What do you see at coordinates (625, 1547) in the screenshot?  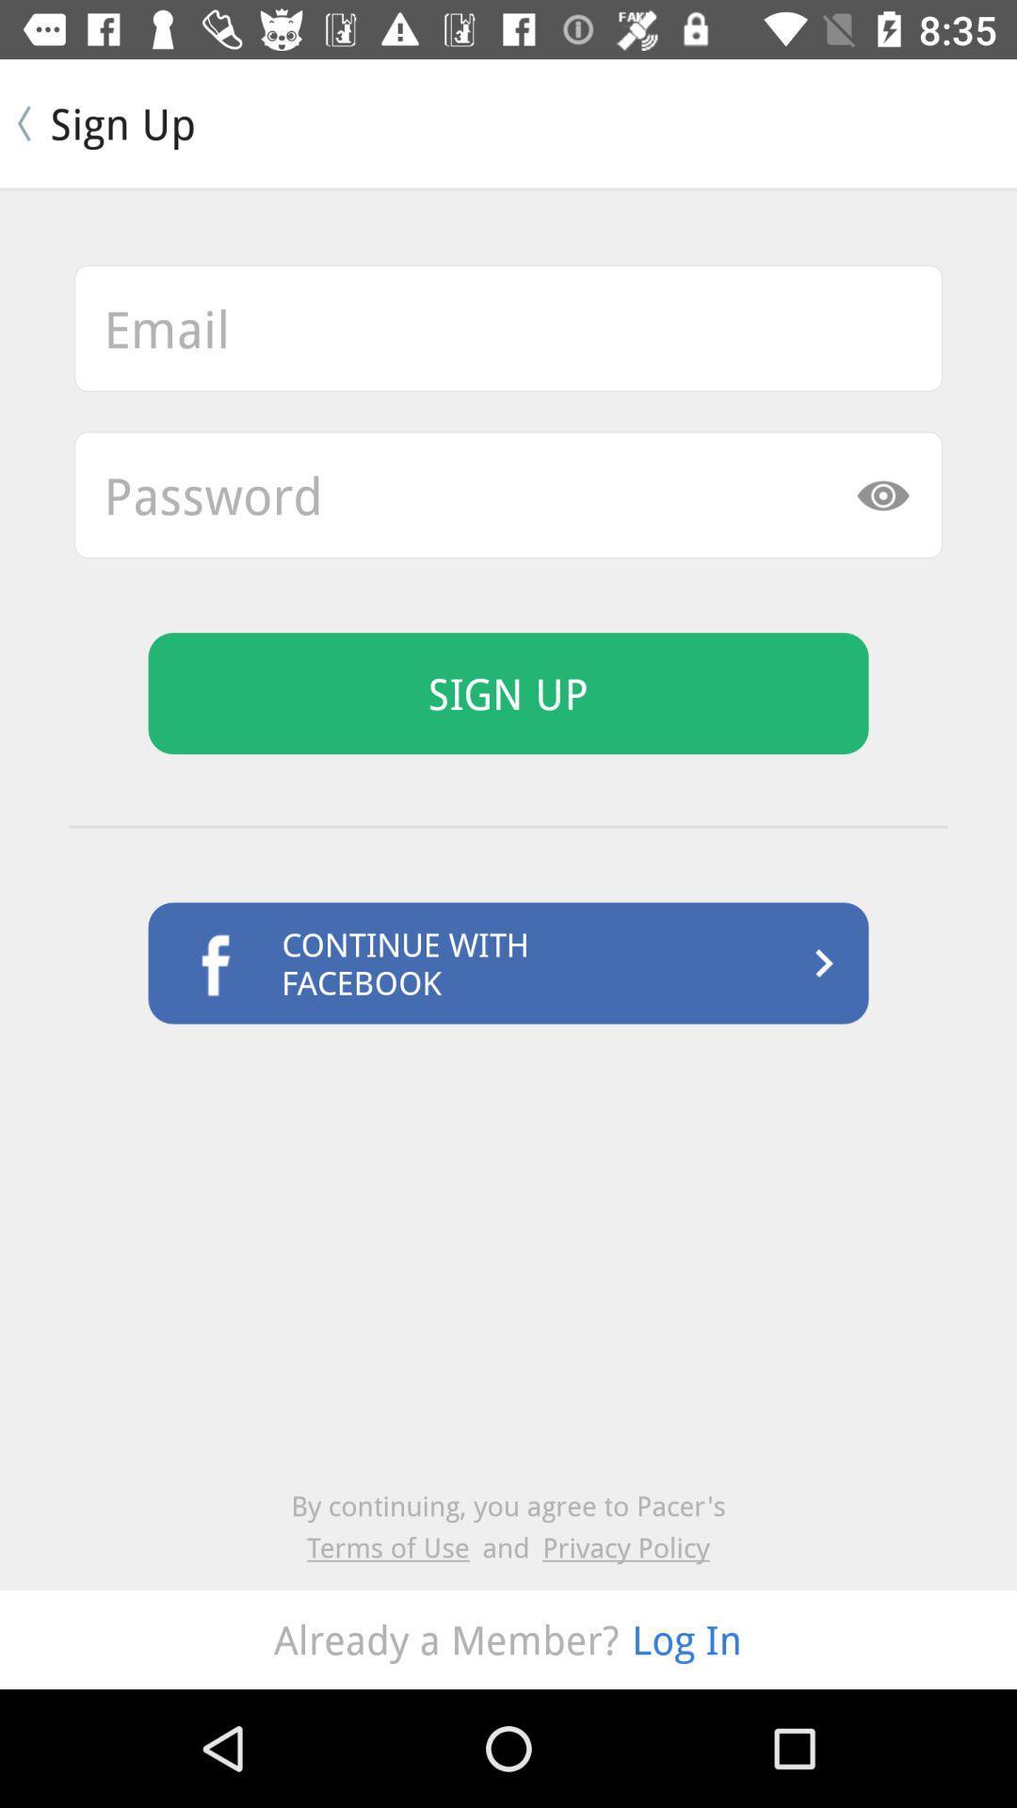 I see `item next to the and icon` at bounding box center [625, 1547].